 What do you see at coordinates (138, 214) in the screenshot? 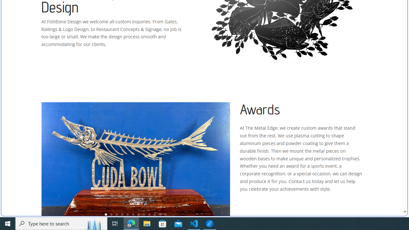
I see `'7'` at bounding box center [138, 214].